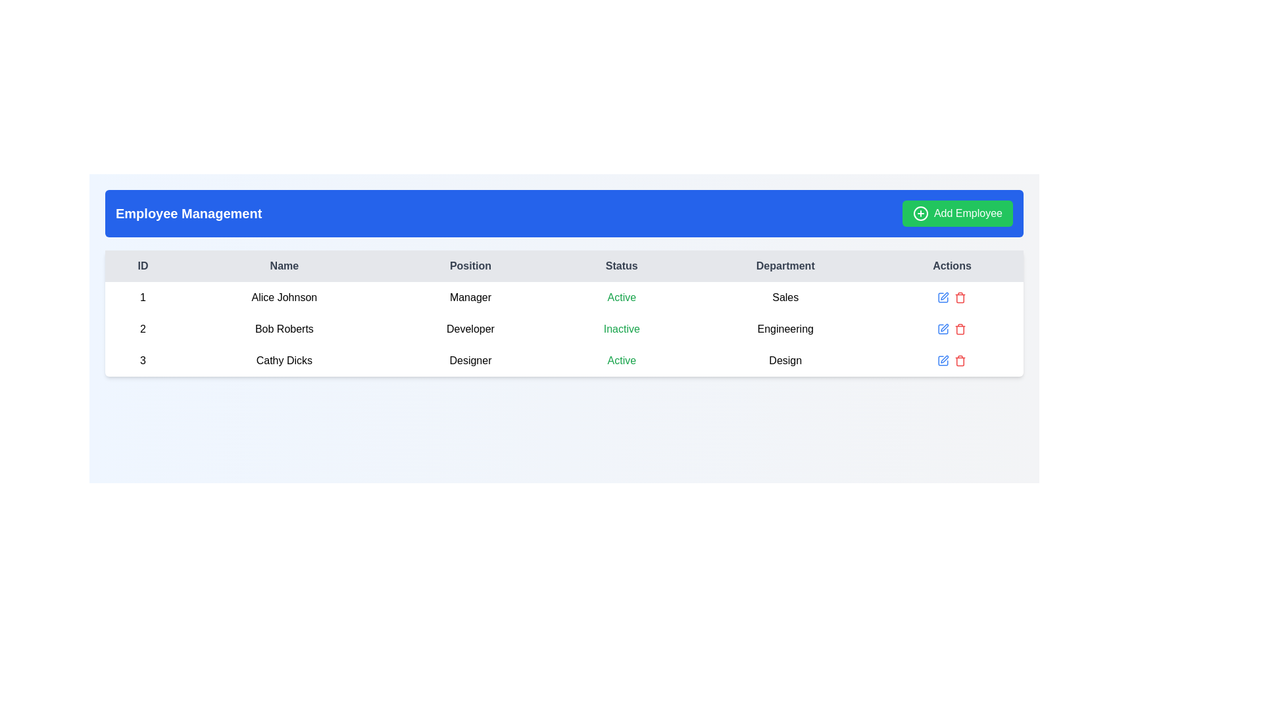 The image size is (1263, 710). I want to click on the static text label header indicating names of individuals or items, located in the second column of the table's header row, so click(284, 266).